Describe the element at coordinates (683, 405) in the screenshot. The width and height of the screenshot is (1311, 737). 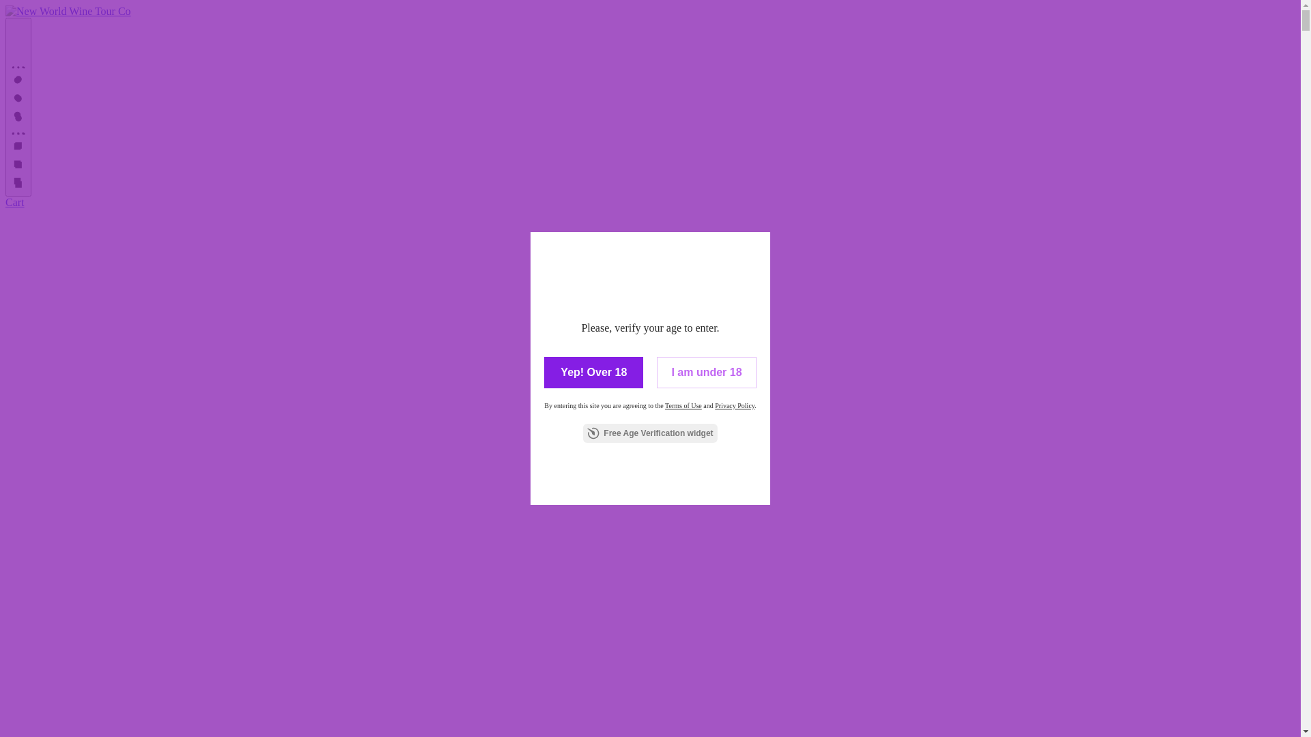
I see `'Terms of Use'` at that location.